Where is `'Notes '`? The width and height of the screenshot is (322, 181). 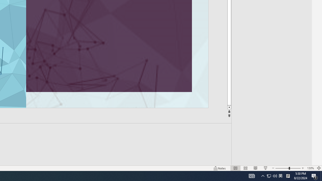 'Notes ' is located at coordinates (220, 168).